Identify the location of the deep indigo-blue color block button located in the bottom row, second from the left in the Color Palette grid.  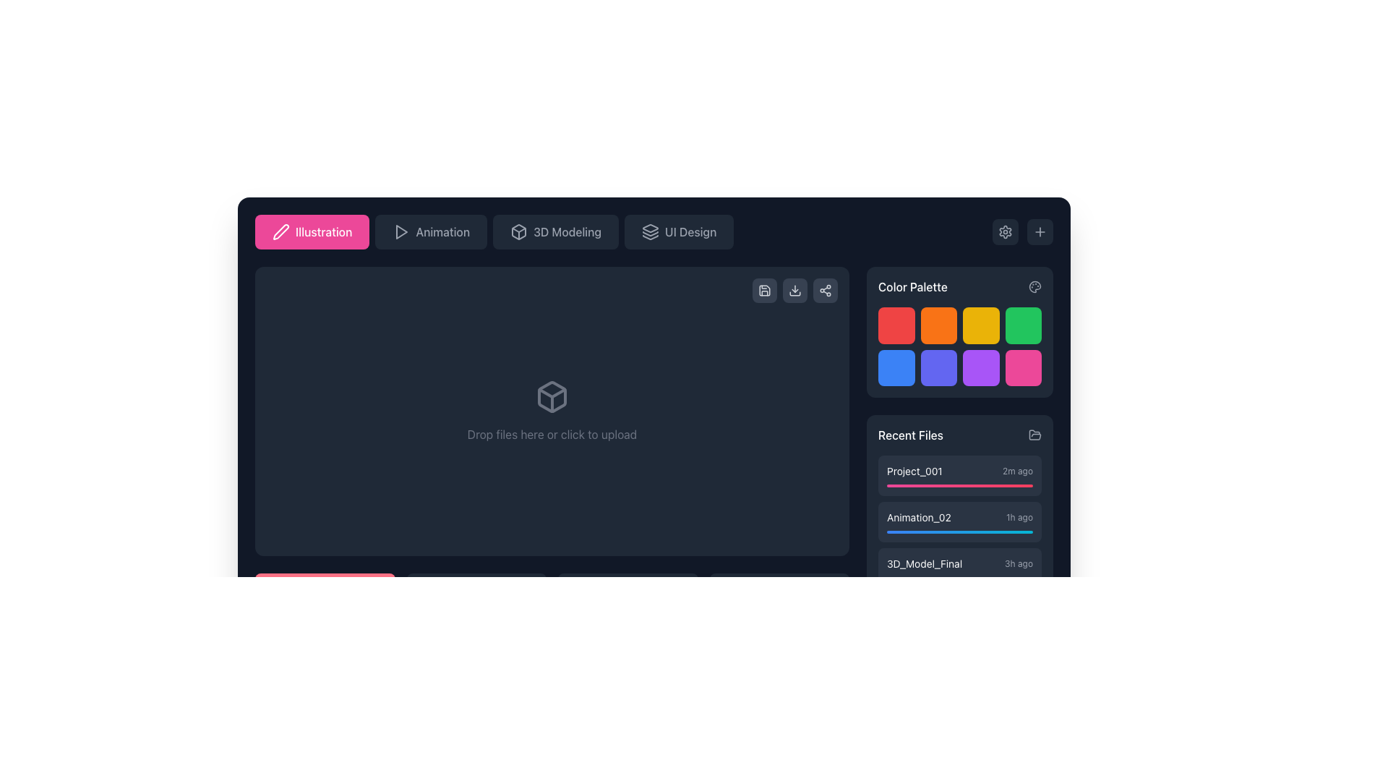
(938, 367).